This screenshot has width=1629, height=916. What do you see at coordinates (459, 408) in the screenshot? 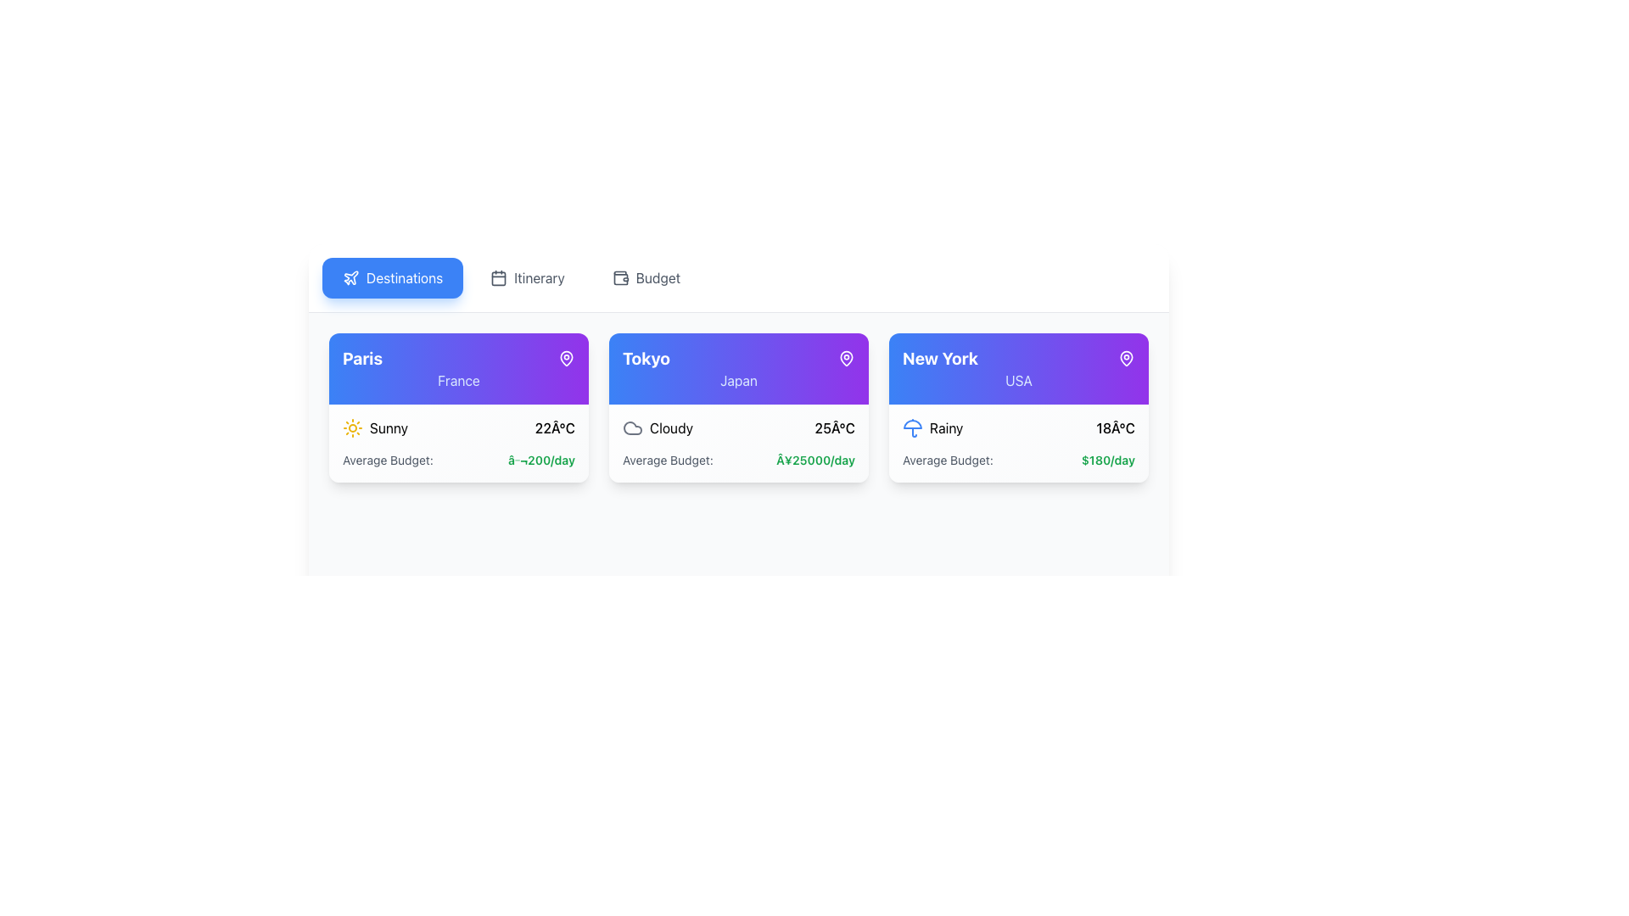
I see `details from the Travel information card located in the top-left corner of the grid layout` at bounding box center [459, 408].